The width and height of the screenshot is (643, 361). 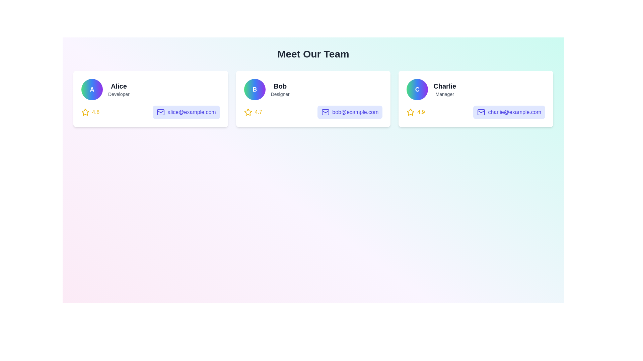 What do you see at coordinates (326, 112) in the screenshot?
I see `the rectangular decorative shape with a blue outline located at the bottom right corner of Bob's card, adjacent to the email address 'bob@example.com'` at bounding box center [326, 112].